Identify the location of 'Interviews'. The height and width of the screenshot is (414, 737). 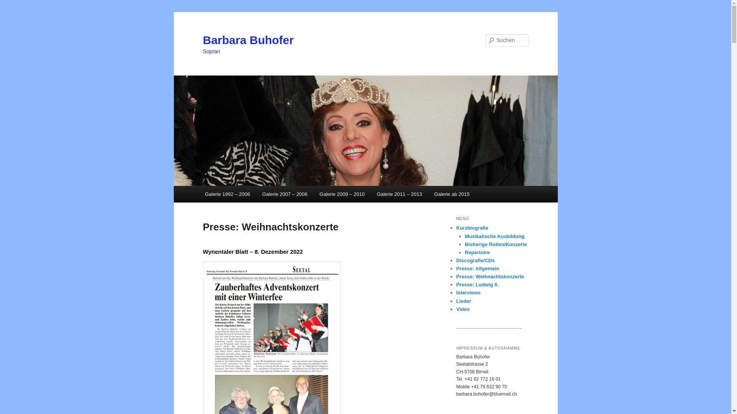
(468, 292).